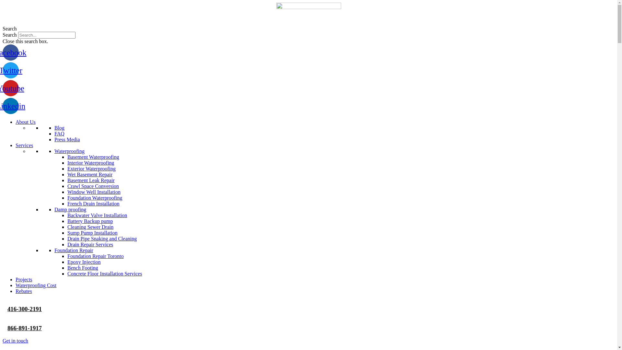 This screenshot has height=350, width=622. Describe the element at coordinates (11, 88) in the screenshot. I see `'Youtube'` at that location.